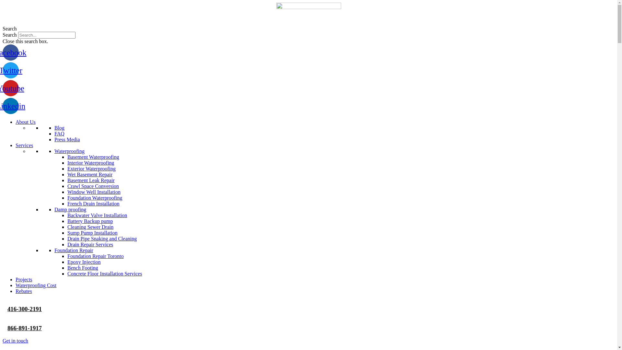 This screenshot has height=350, width=622. Describe the element at coordinates (11, 88) in the screenshot. I see `'Youtube'` at that location.